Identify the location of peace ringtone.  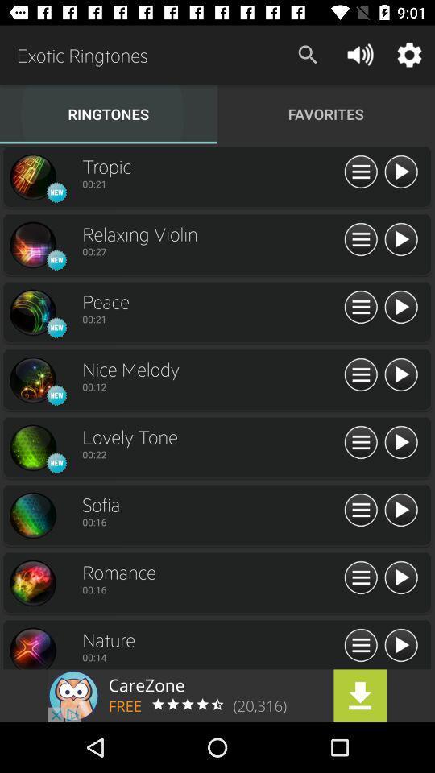
(32, 312).